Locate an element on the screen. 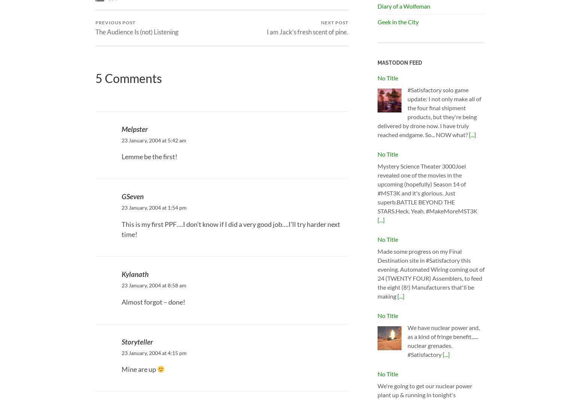 The width and height of the screenshot is (580, 401). '23 January, 2004 at 4:15 pm' is located at coordinates (154, 352).